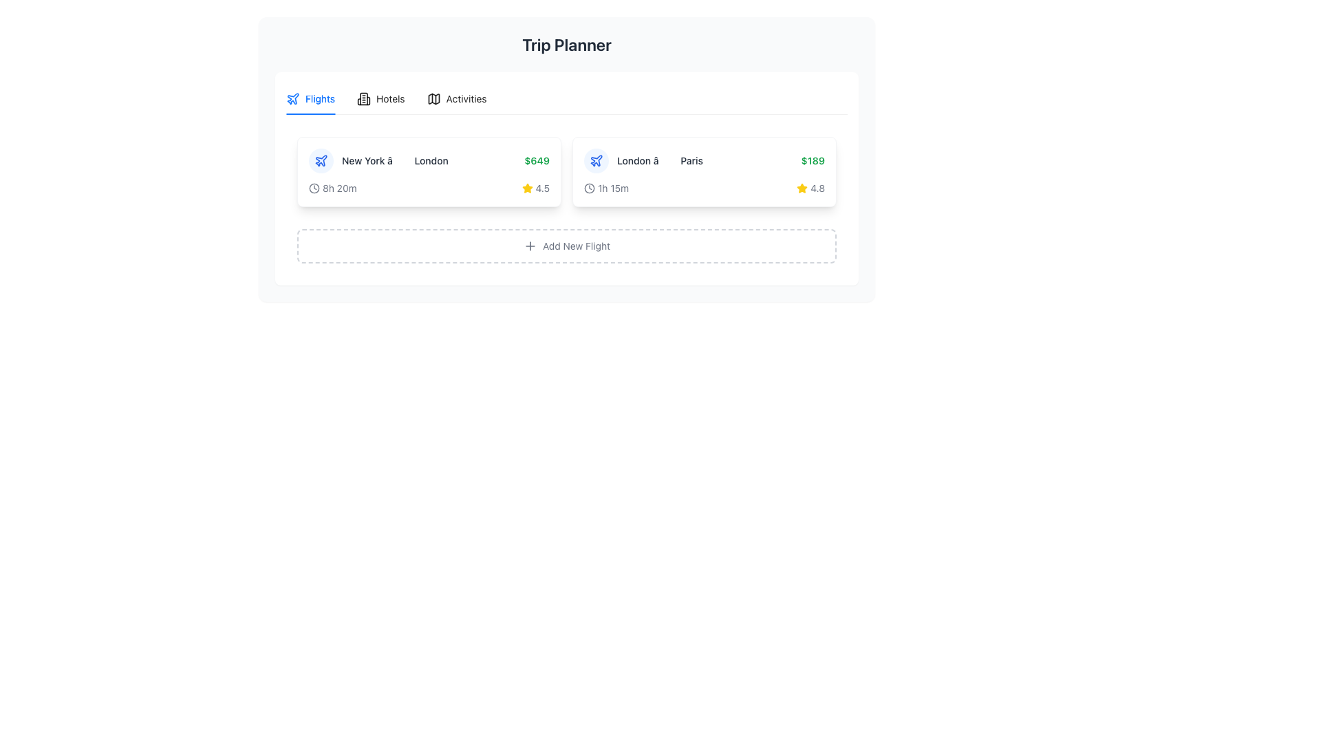 The width and height of the screenshot is (1321, 743). What do you see at coordinates (810, 188) in the screenshot?
I see `the Rating display element featuring a yellow star icon and the text '4.8', located under the second flight section to the right of the duration text ('1h 15m')` at bounding box center [810, 188].